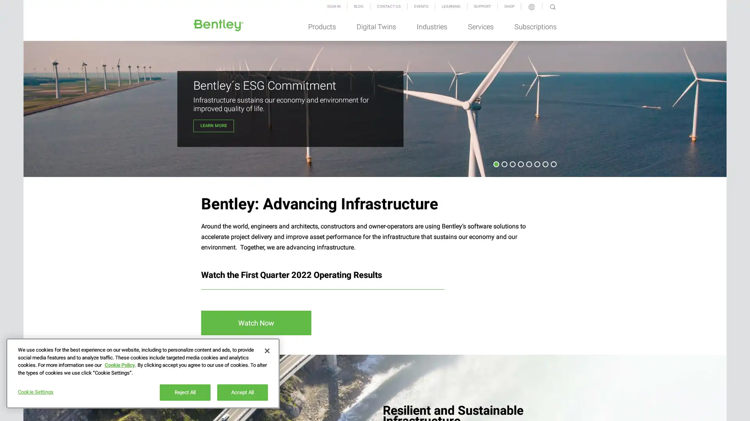 Image resolution: width=750 pixels, height=421 pixels. Describe the element at coordinates (242, 392) in the screenshot. I see `Accept All` at that location.